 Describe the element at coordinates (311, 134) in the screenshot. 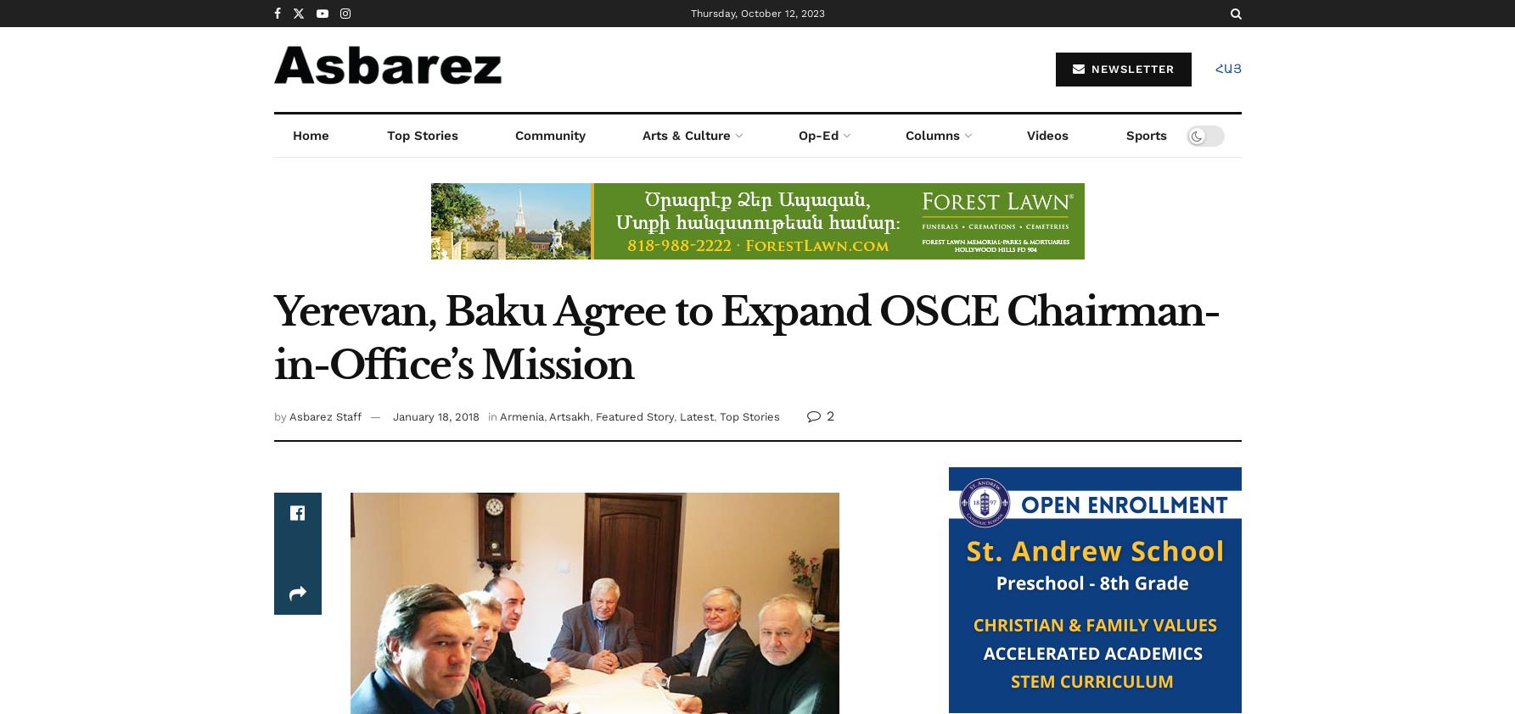

I see `'Home'` at that location.